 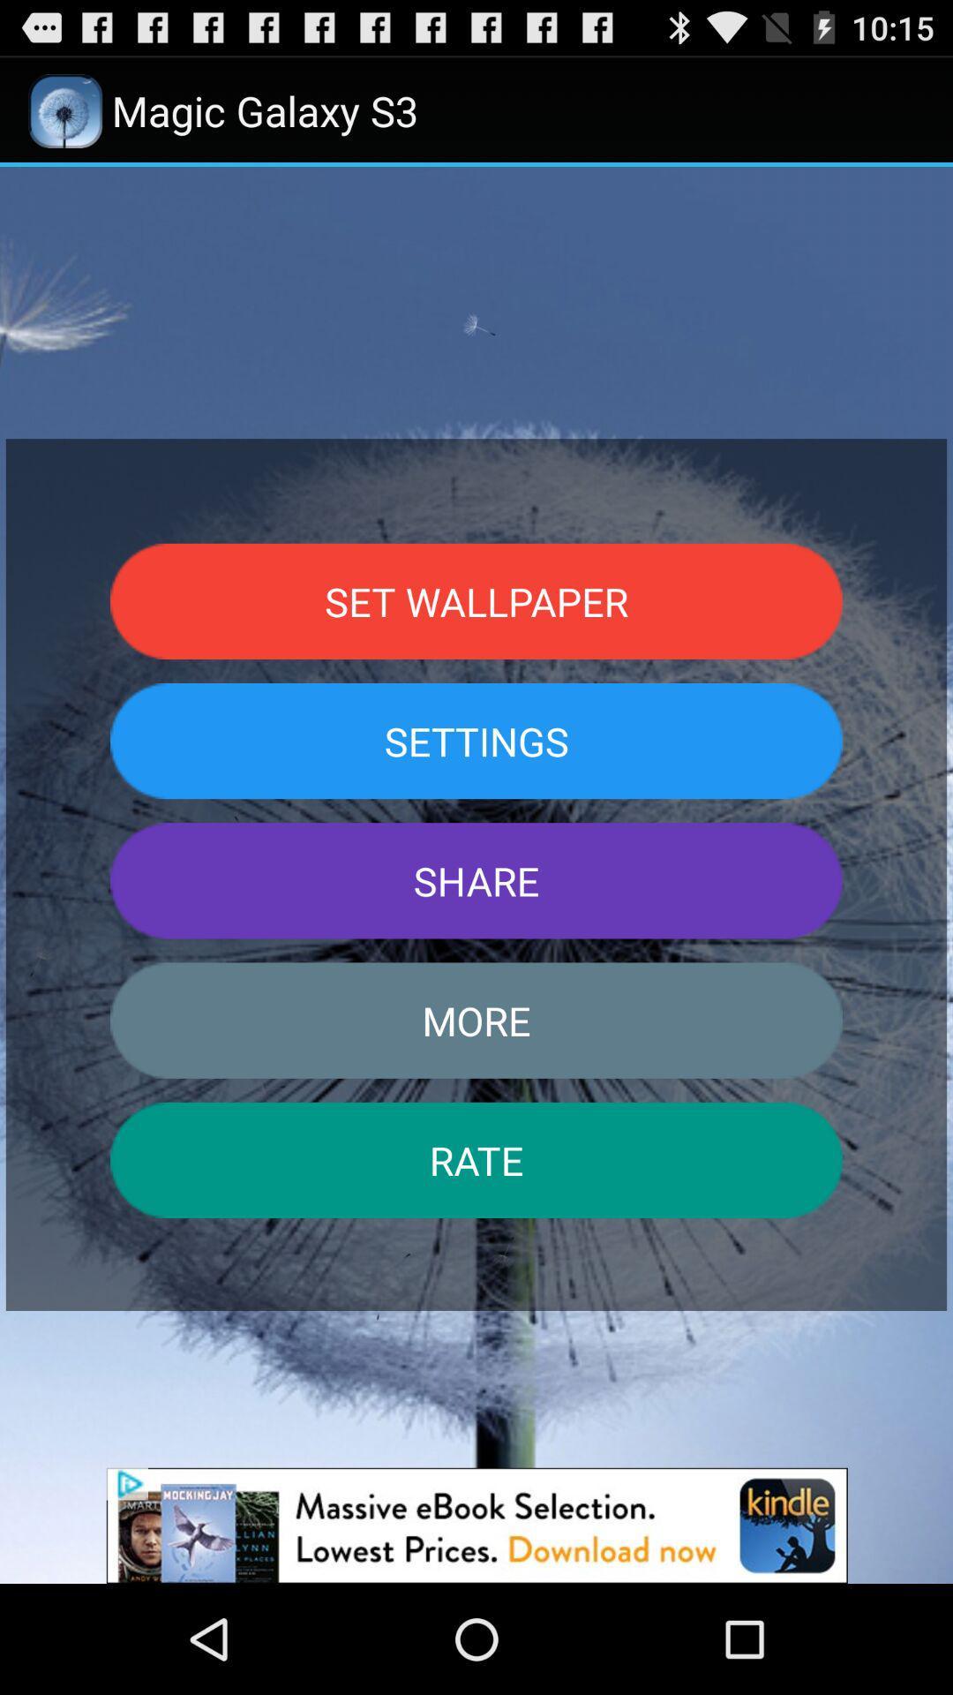 What do you see at coordinates (476, 601) in the screenshot?
I see `item above settings` at bounding box center [476, 601].